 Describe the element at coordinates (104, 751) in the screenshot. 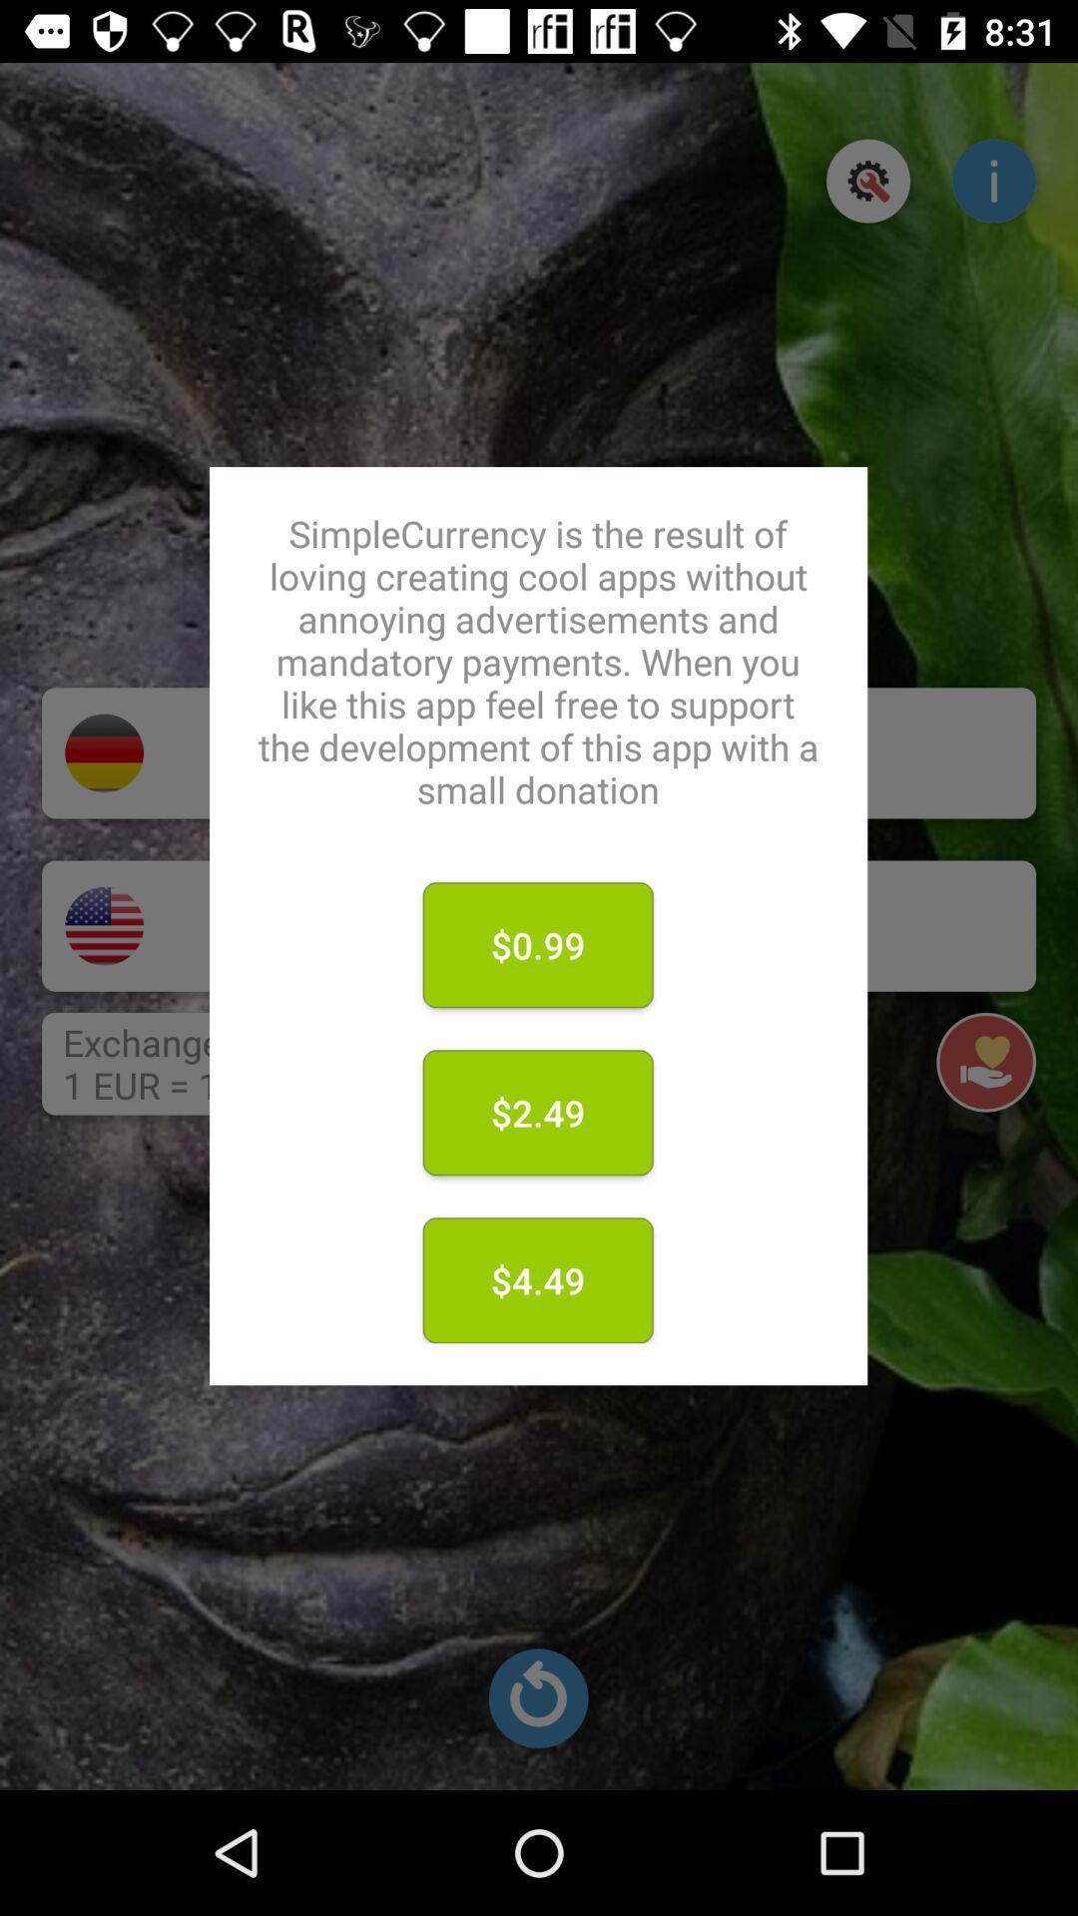

I see `the national_flag icon` at that location.